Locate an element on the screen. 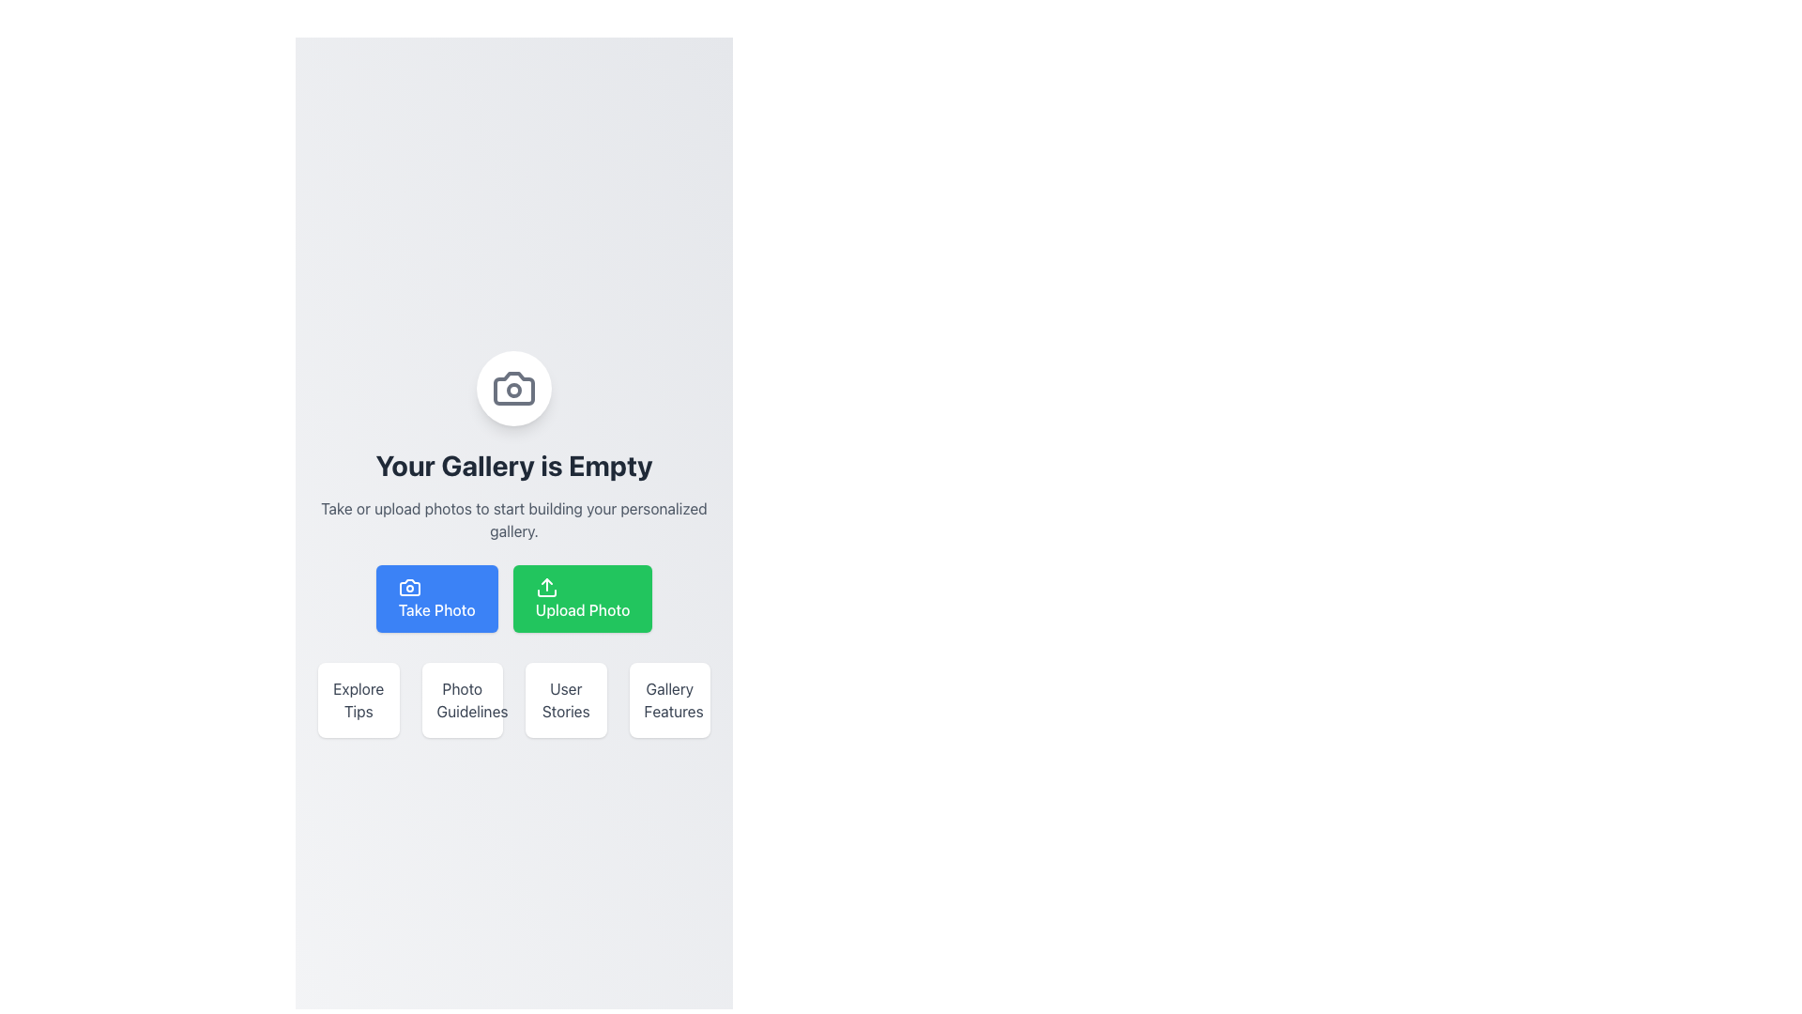 The image size is (1802, 1014). the 'Upload Photo' button, which is a green button with a graphic icon on its left side is located at coordinates (545, 586).